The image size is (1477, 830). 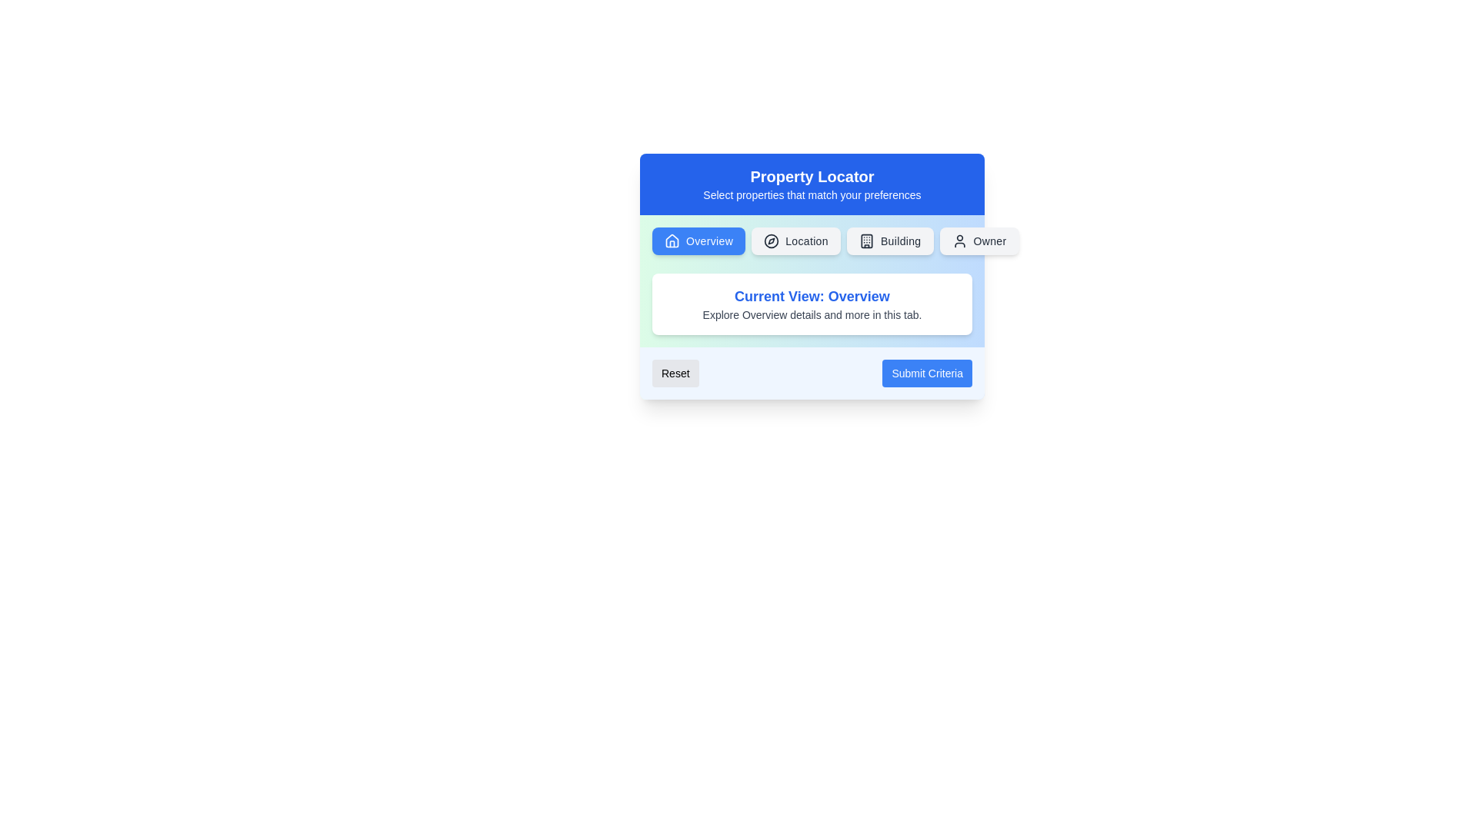 What do you see at coordinates (812, 194) in the screenshot?
I see `the text label that says 'Select properties that match your preferences', which is located below the 'Property Locator' title in the blue rectangular section at the top of the interface` at bounding box center [812, 194].